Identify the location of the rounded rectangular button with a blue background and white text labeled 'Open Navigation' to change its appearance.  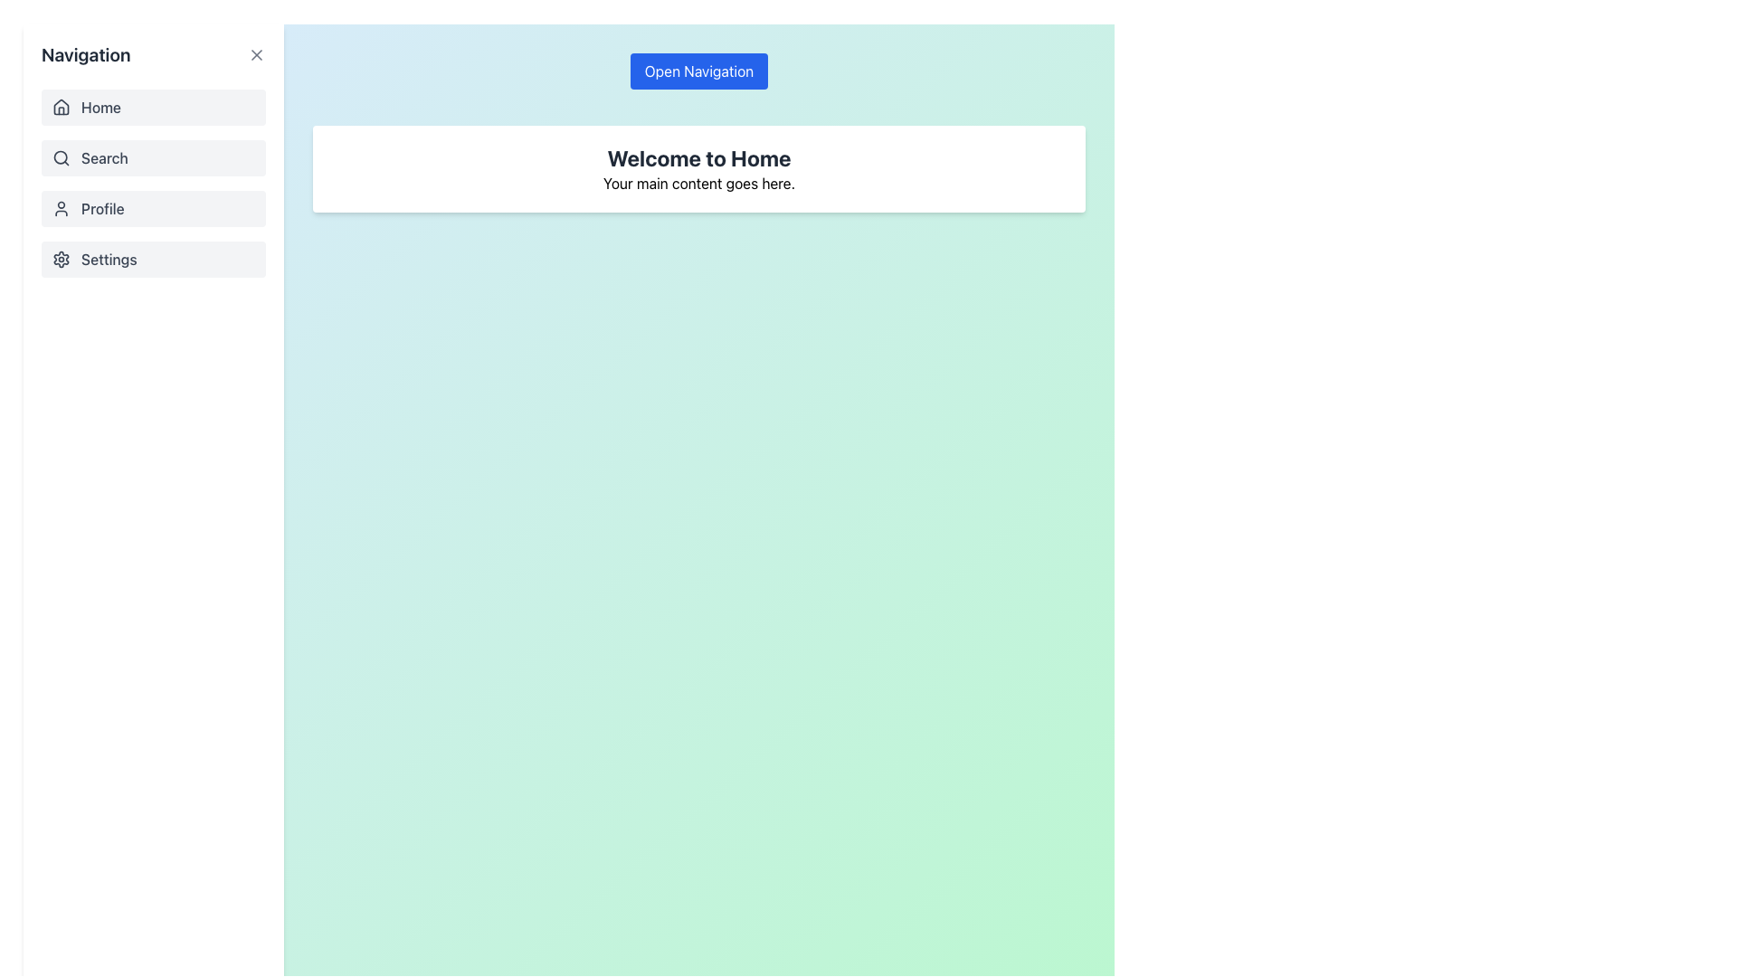
(698, 70).